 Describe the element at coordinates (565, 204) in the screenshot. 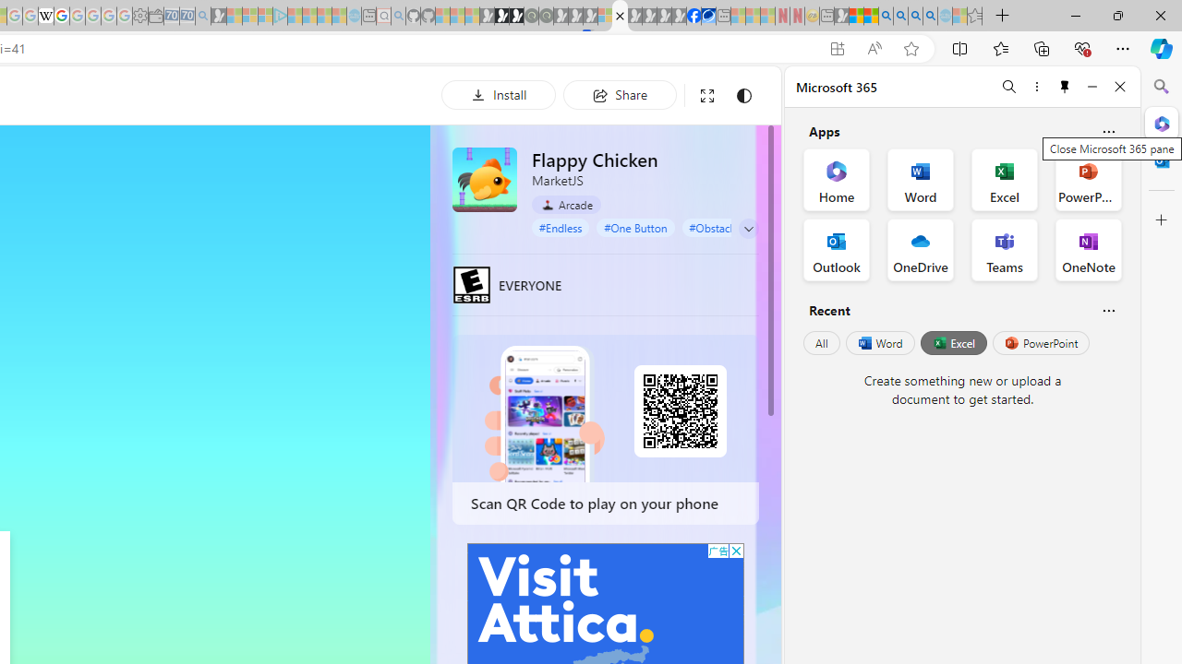

I see `'Arcade'` at that location.